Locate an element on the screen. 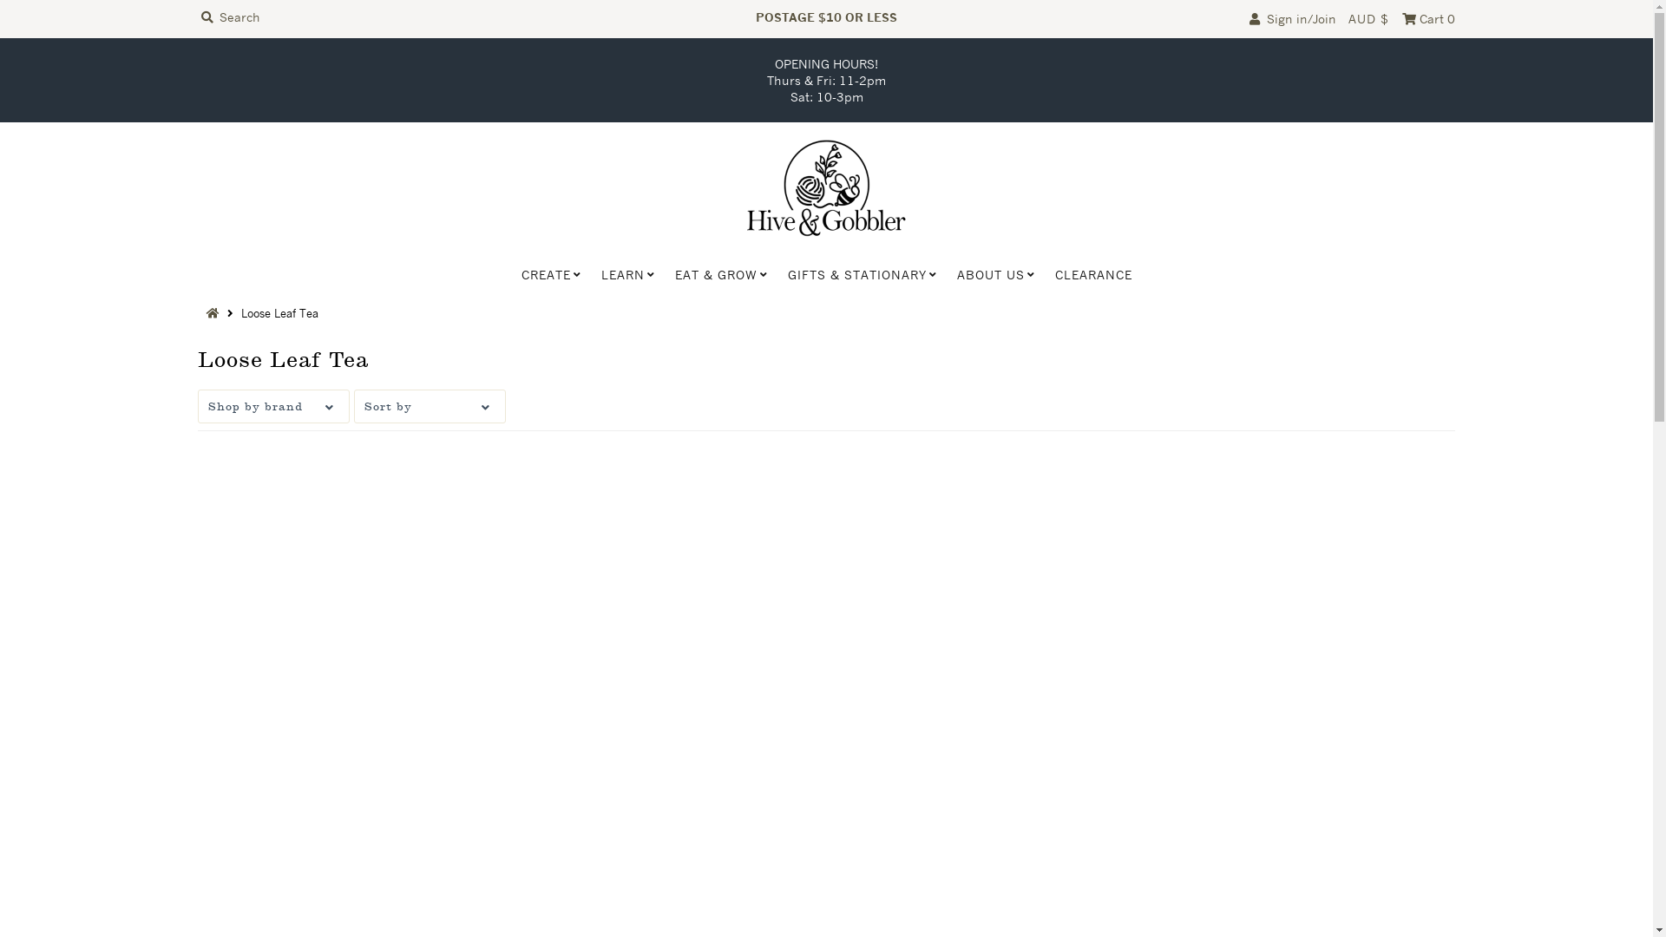 This screenshot has width=1666, height=937. 'Shop by brand' is located at coordinates (272, 406).